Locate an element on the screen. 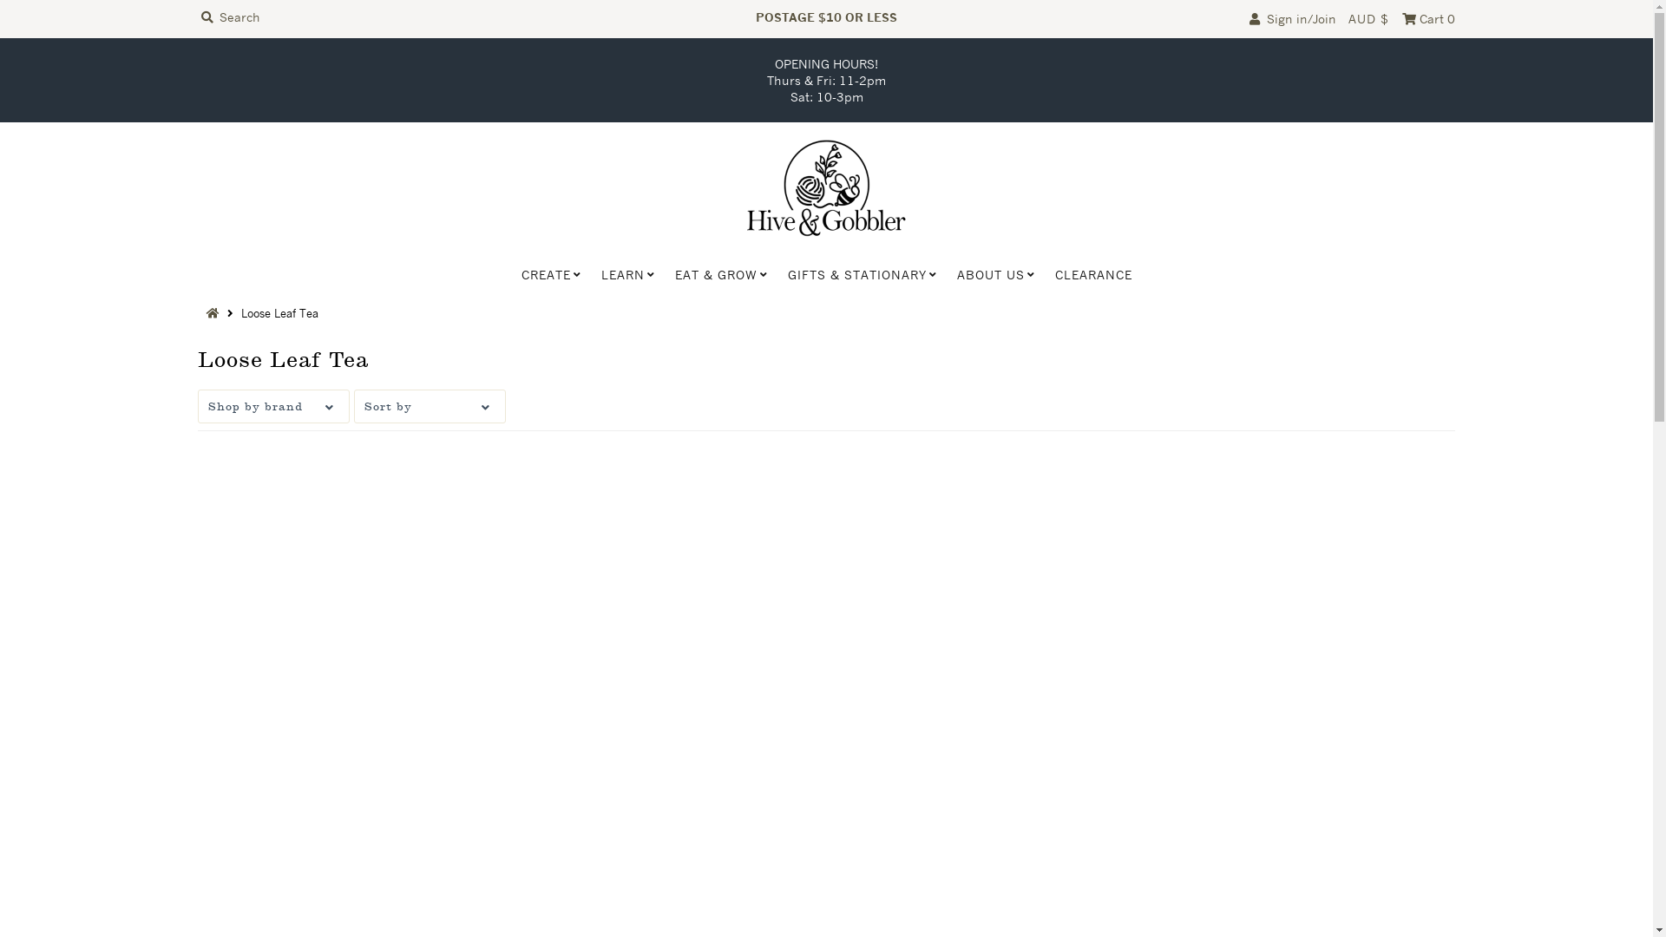 This screenshot has width=1666, height=937. 'Shop by brand' is located at coordinates (272, 406).